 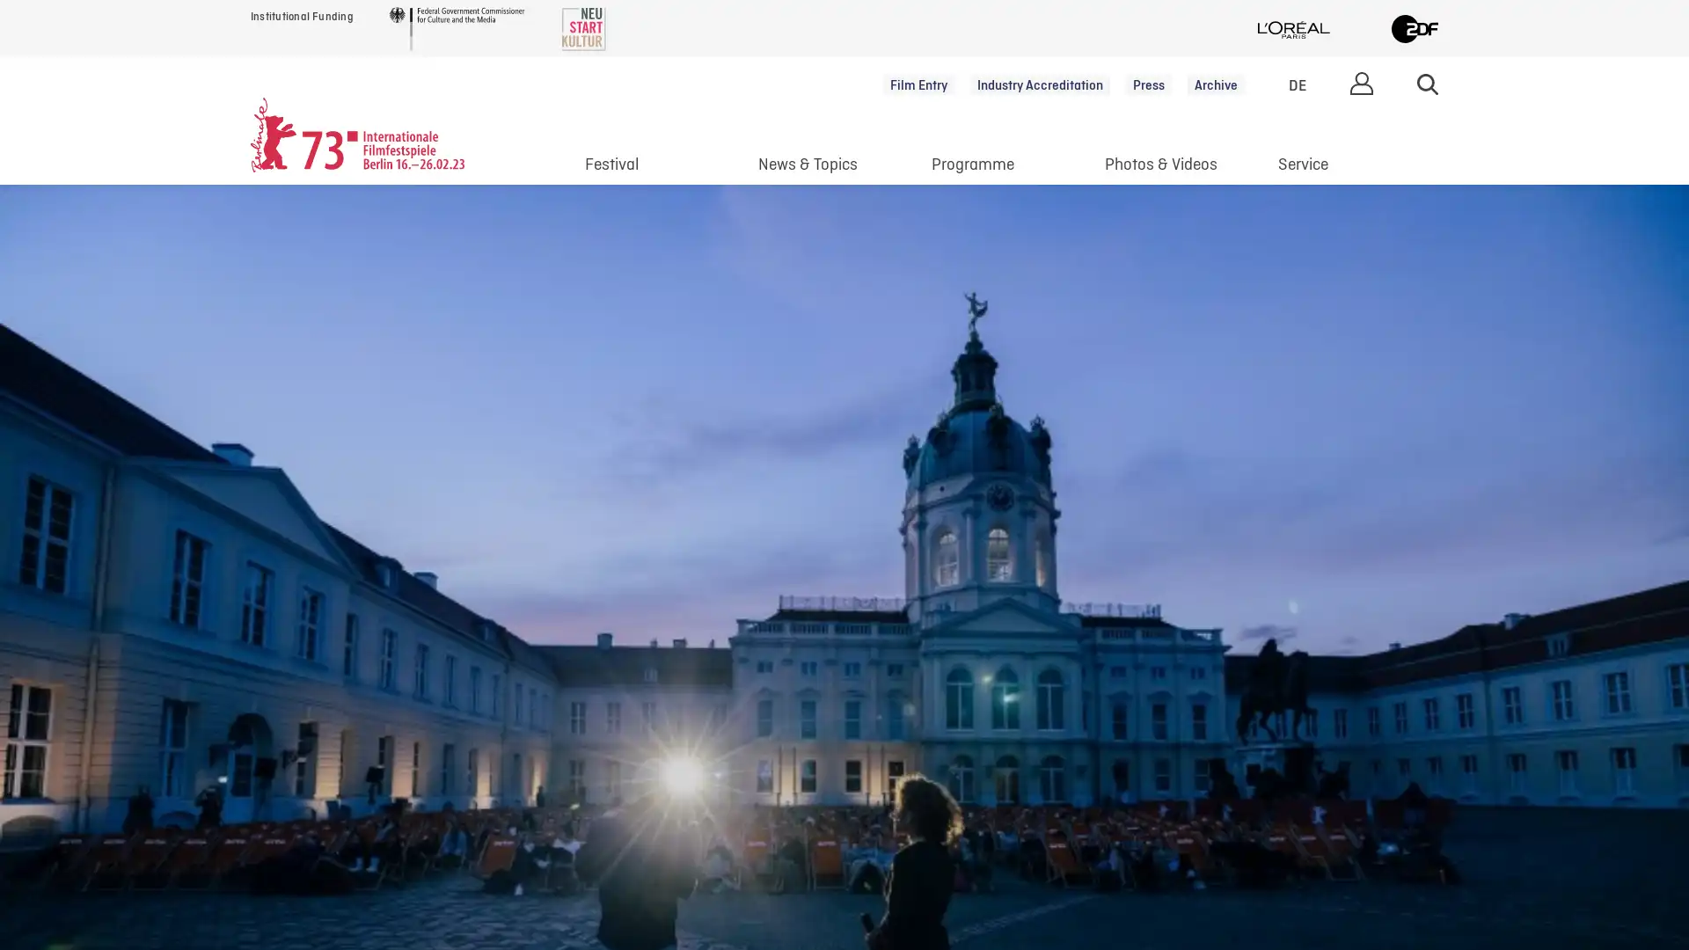 I want to click on Submit, so click(x=1427, y=84).